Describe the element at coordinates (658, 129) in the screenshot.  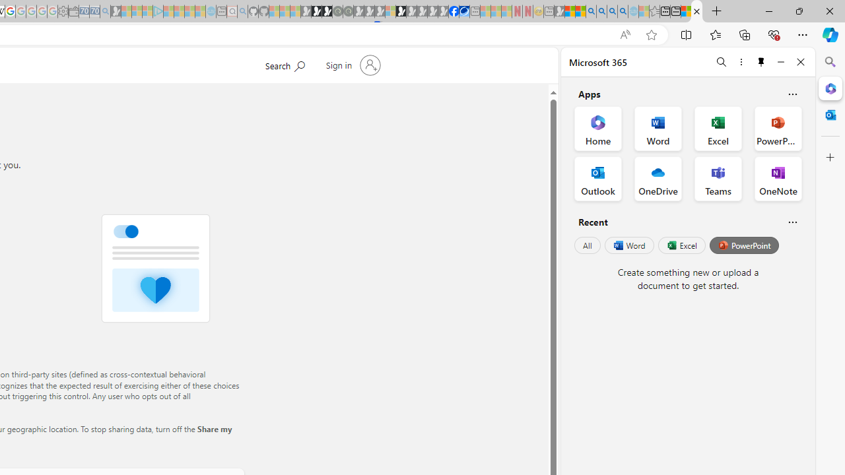
I see `'Word Office App'` at that location.